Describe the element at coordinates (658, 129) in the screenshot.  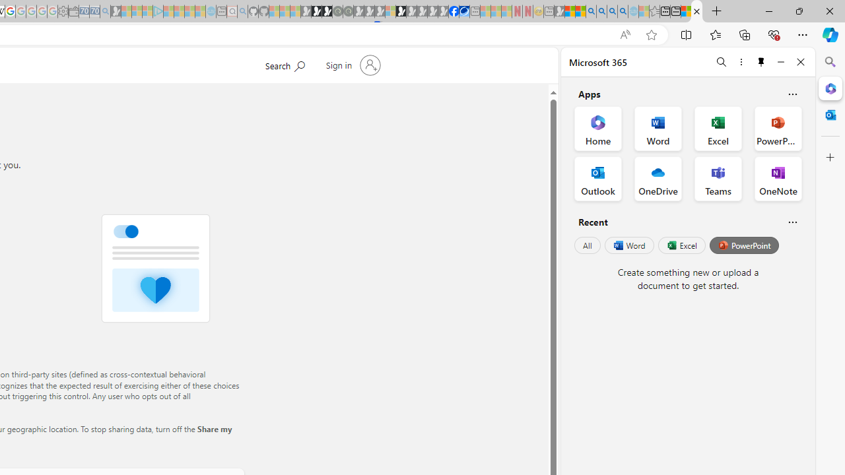
I see `'Word Office App'` at that location.